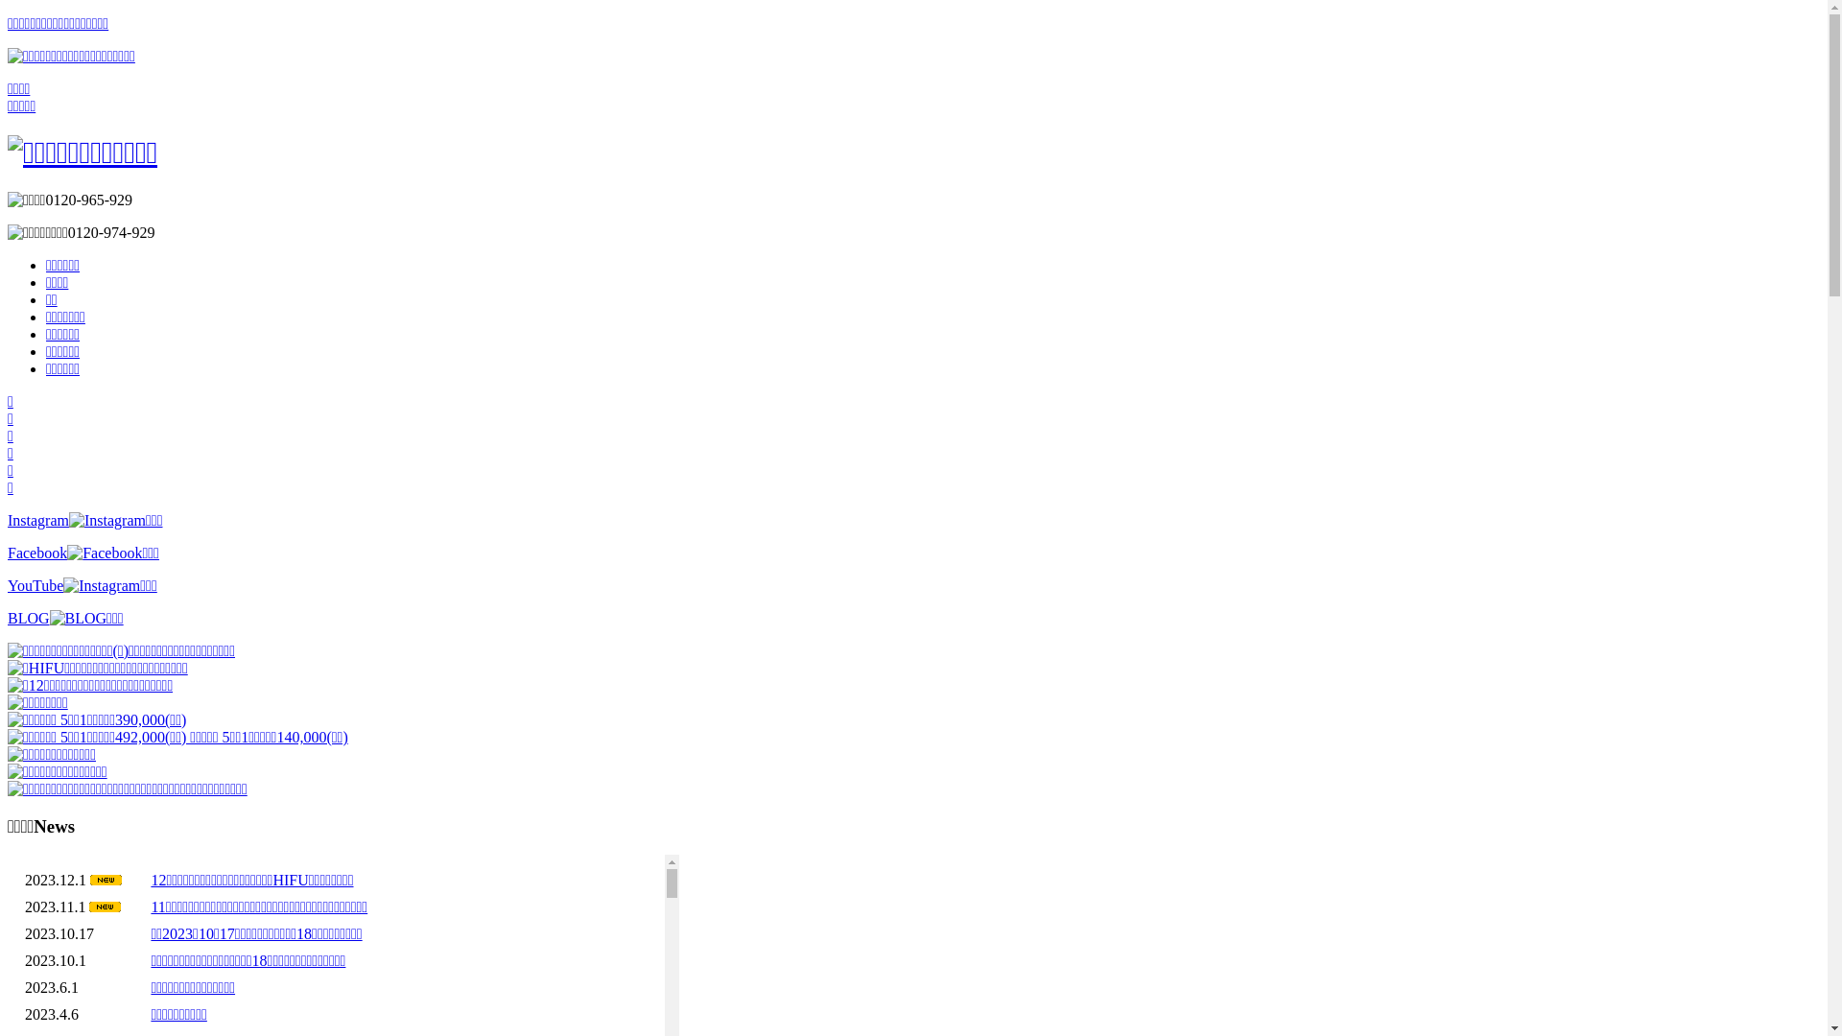 The image size is (1842, 1036). I want to click on 'BLOG', so click(65, 618).